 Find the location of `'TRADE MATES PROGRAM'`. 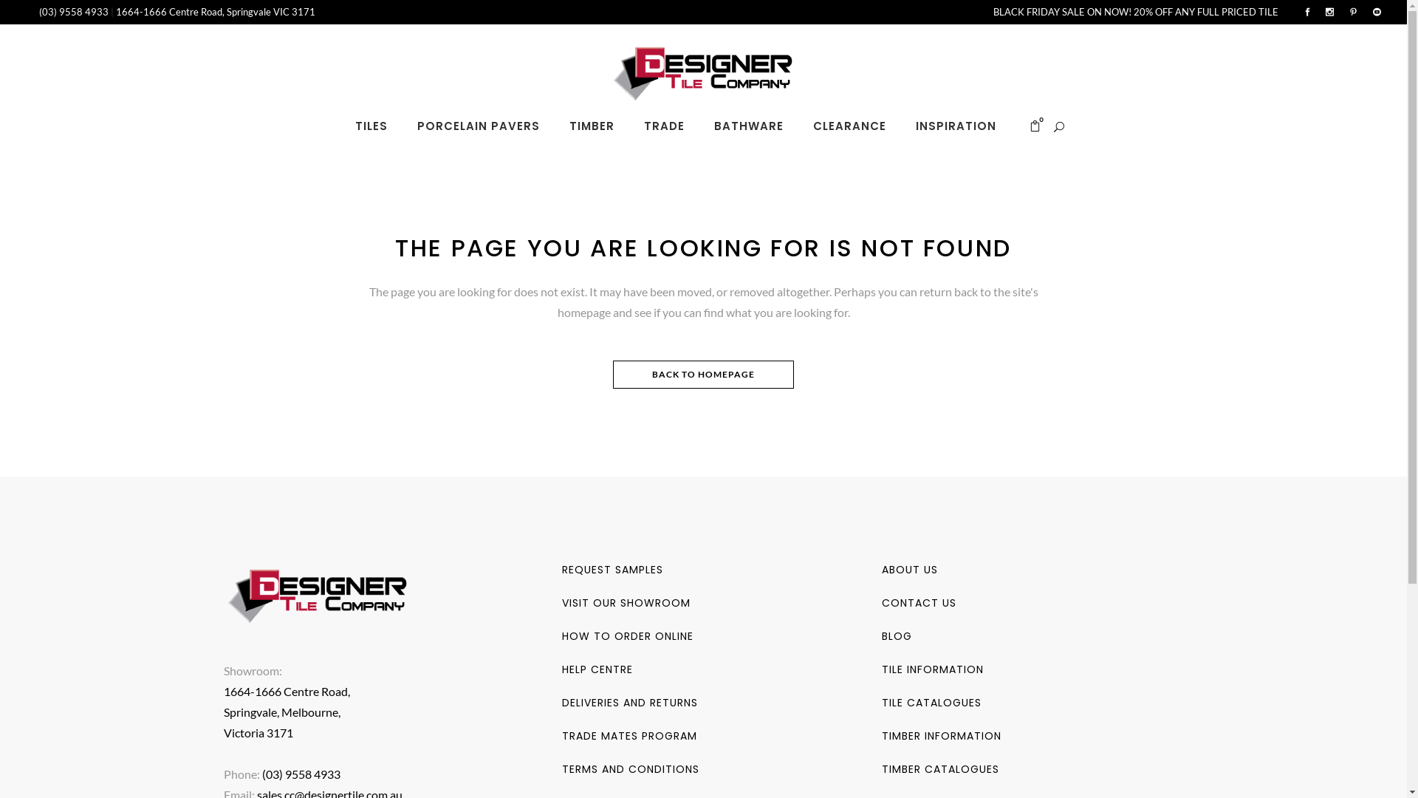

'TRADE MATES PROGRAM' is located at coordinates (629, 735).